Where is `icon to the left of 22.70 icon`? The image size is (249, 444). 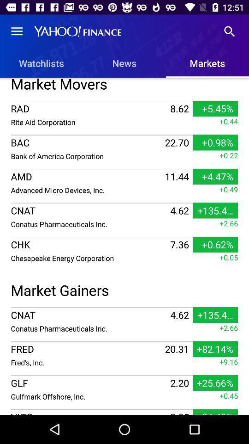 icon to the left of 22.70 icon is located at coordinates (87, 156).